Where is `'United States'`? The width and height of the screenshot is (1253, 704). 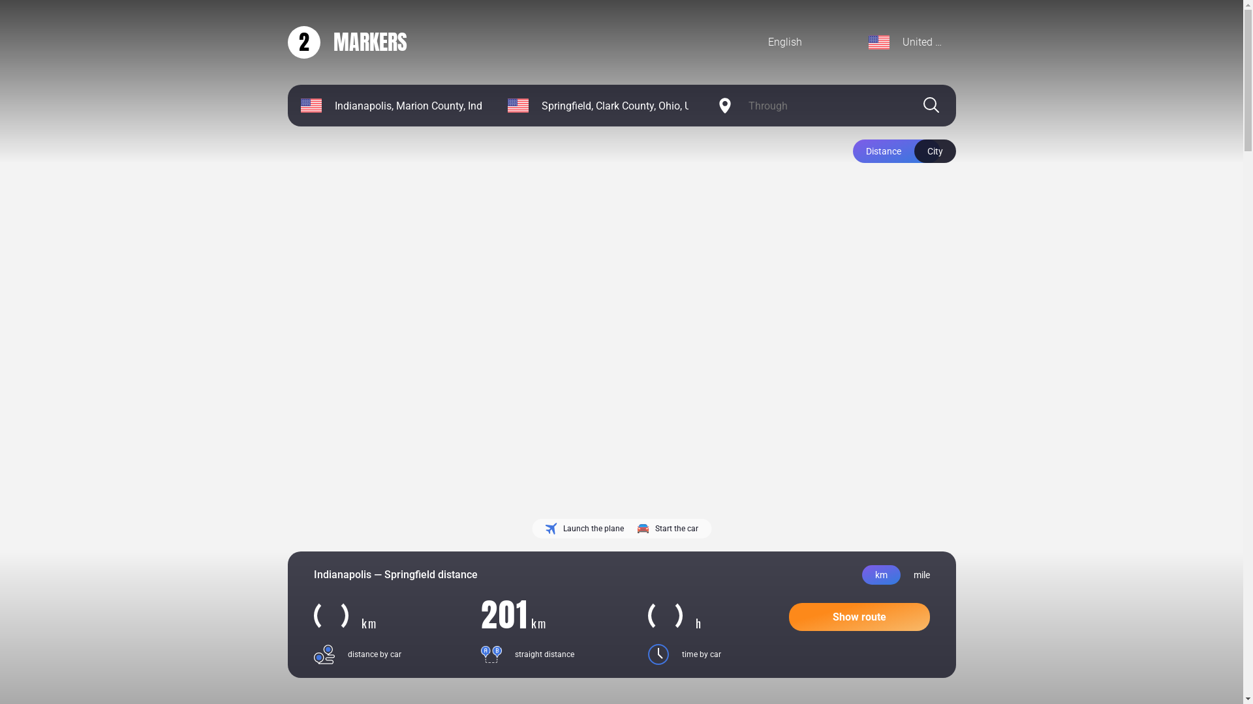 'United States' is located at coordinates (905, 42).